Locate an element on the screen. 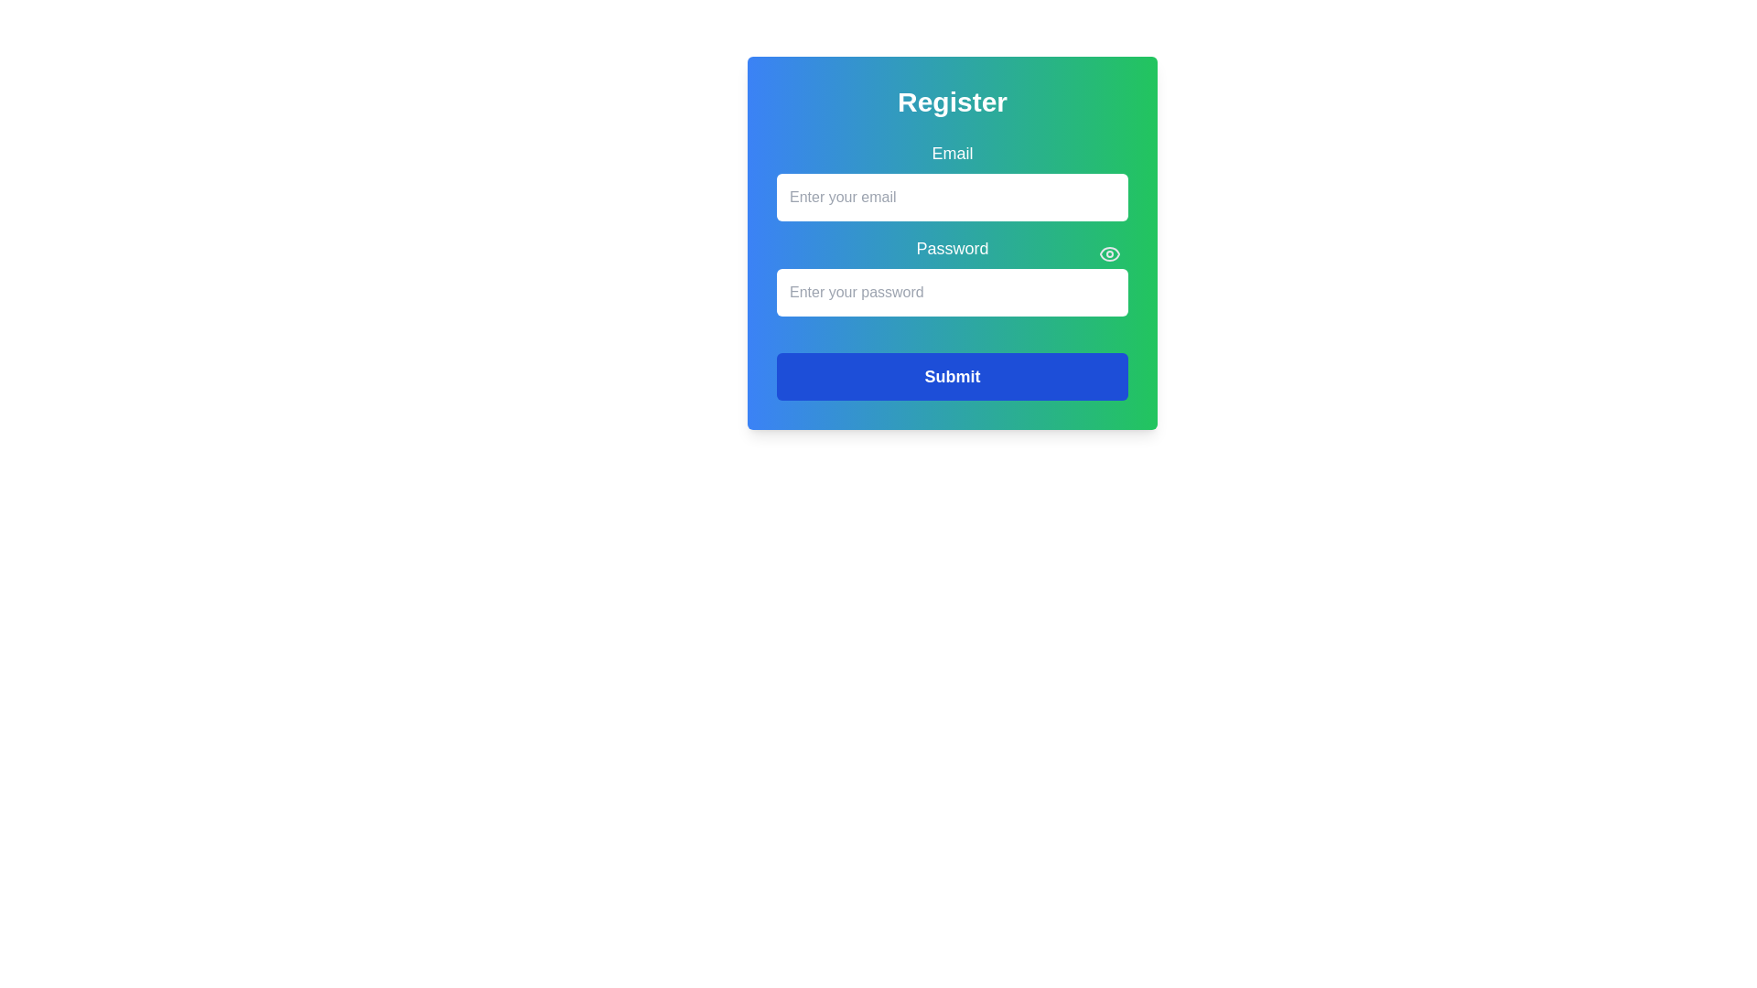 The width and height of the screenshot is (1757, 988). the submission button located at the bottom of the form card is located at coordinates (952, 376).